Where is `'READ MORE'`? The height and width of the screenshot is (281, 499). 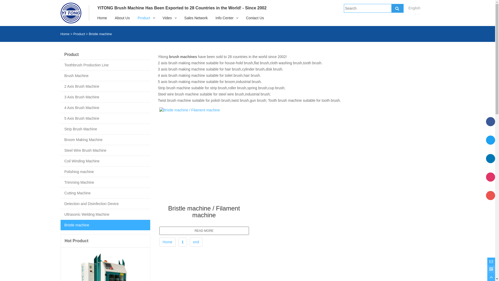
'READ MORE' is located at coordinates (203, 231).